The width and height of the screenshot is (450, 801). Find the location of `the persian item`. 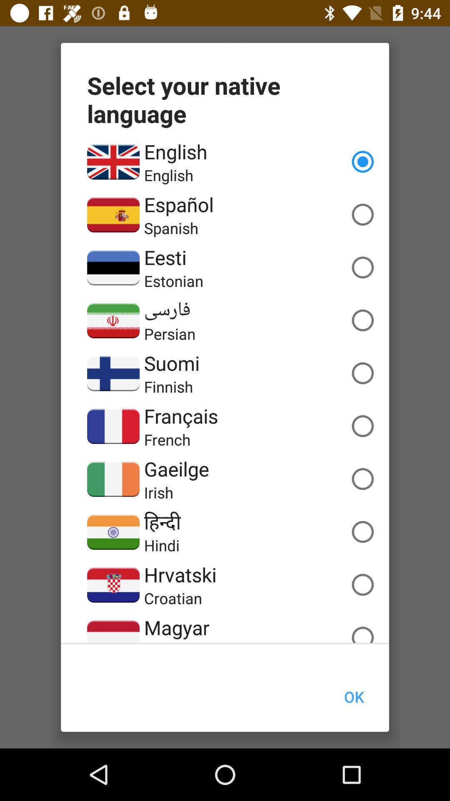

the persian item is located at coordinates (169, 334).